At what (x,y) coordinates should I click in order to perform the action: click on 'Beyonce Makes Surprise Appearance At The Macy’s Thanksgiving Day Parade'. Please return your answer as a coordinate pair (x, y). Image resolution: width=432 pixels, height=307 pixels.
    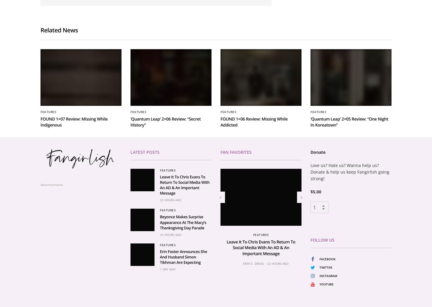
    Looking at the image, I should click on (159, 292).